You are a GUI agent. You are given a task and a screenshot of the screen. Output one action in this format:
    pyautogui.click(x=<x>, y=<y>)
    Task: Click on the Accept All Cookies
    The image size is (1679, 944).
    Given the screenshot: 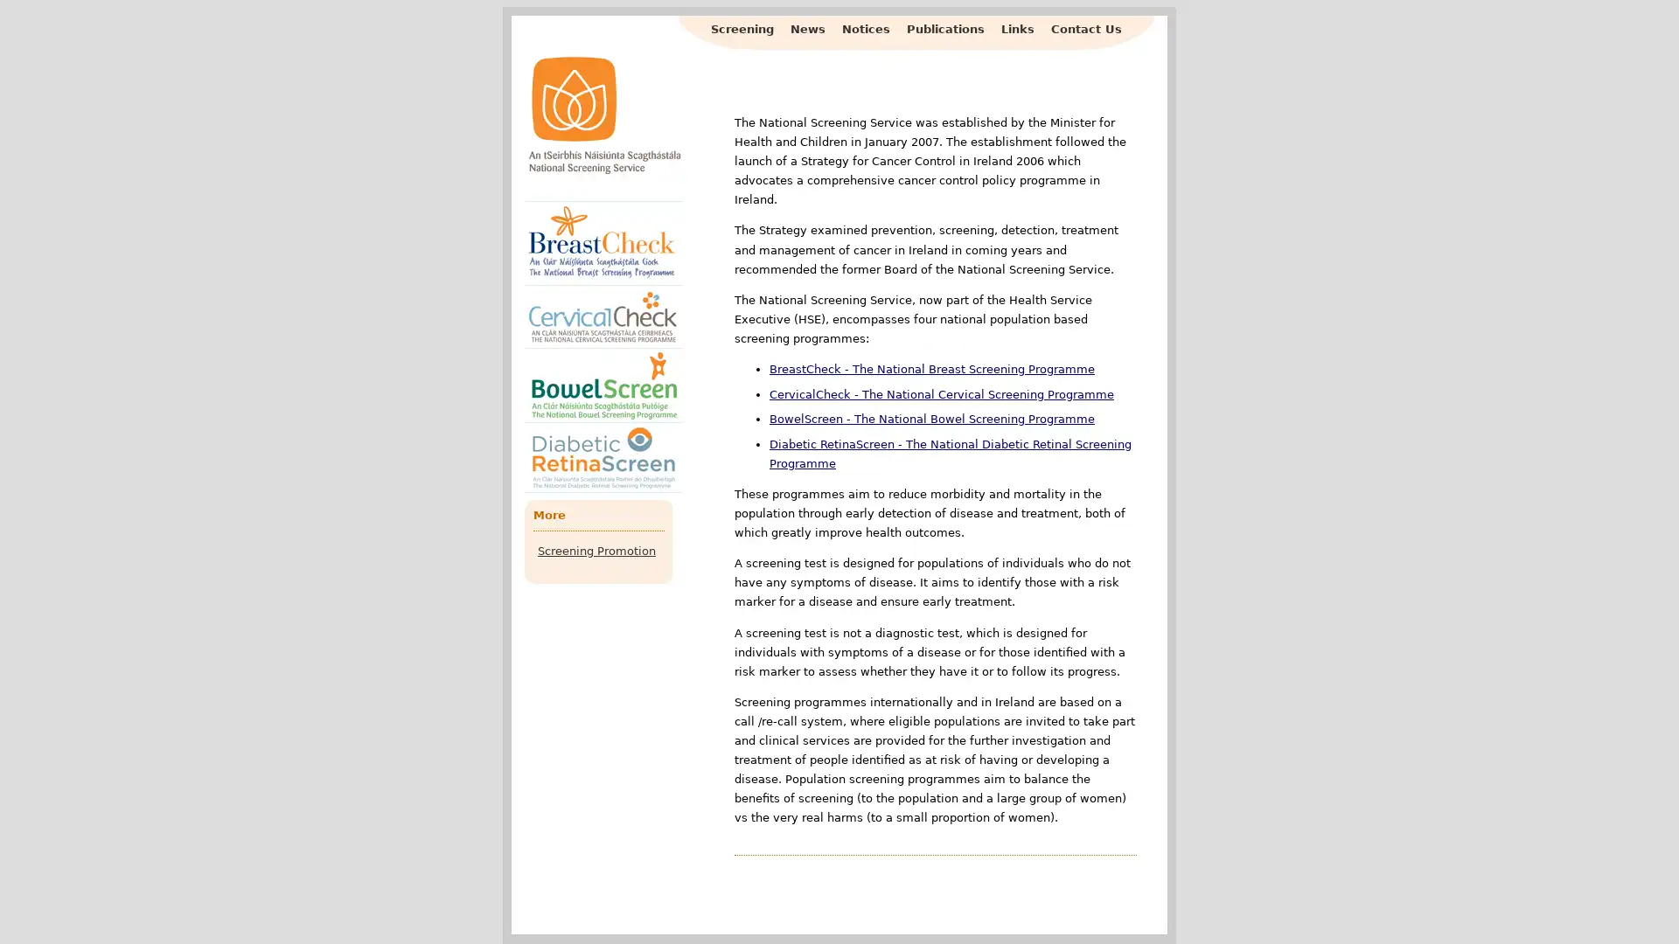 What is the action you would take?
    pyautogui.click(x=1448, y=906)
    